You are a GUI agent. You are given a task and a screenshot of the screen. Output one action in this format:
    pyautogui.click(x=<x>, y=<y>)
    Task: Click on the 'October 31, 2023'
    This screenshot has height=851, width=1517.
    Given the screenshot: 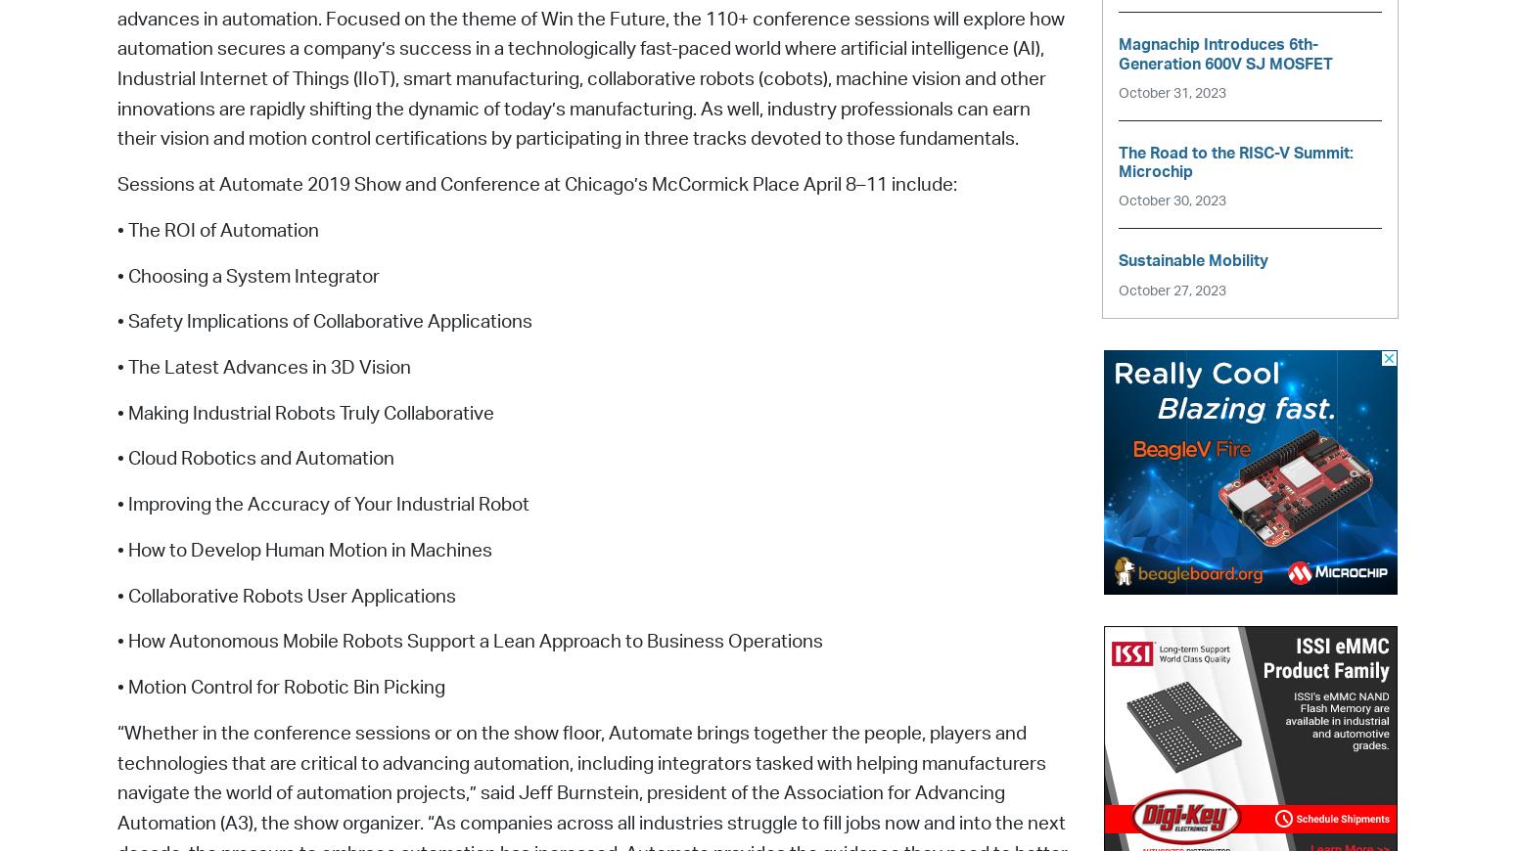 What is the action you would take?
    pyautogui.click(x=1172, y=91)
    